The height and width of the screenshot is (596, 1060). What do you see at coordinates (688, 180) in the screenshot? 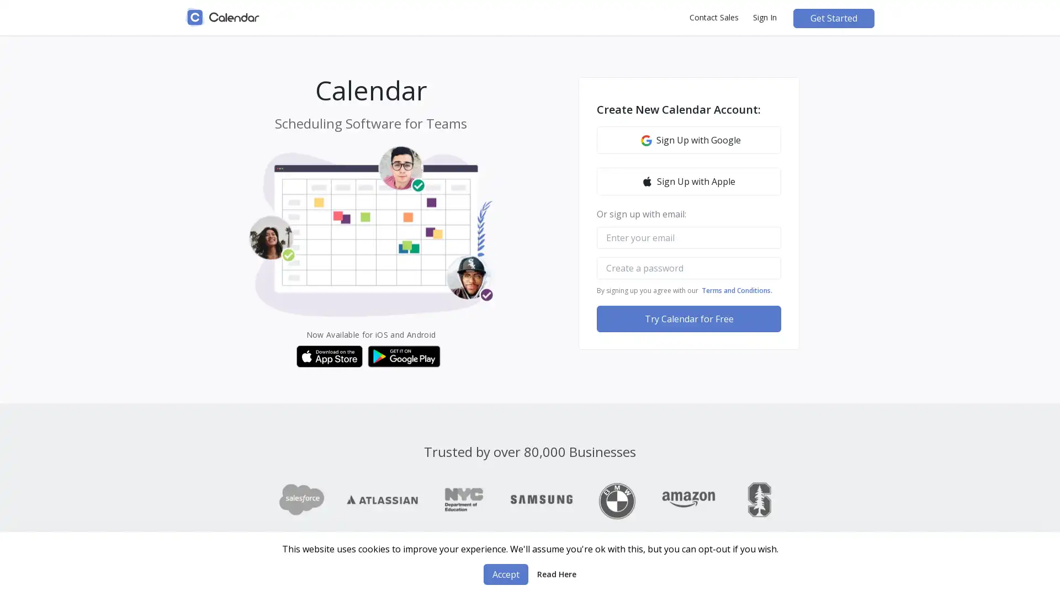
I see `Sign Up with Apple` at bounding box center [688, 180].